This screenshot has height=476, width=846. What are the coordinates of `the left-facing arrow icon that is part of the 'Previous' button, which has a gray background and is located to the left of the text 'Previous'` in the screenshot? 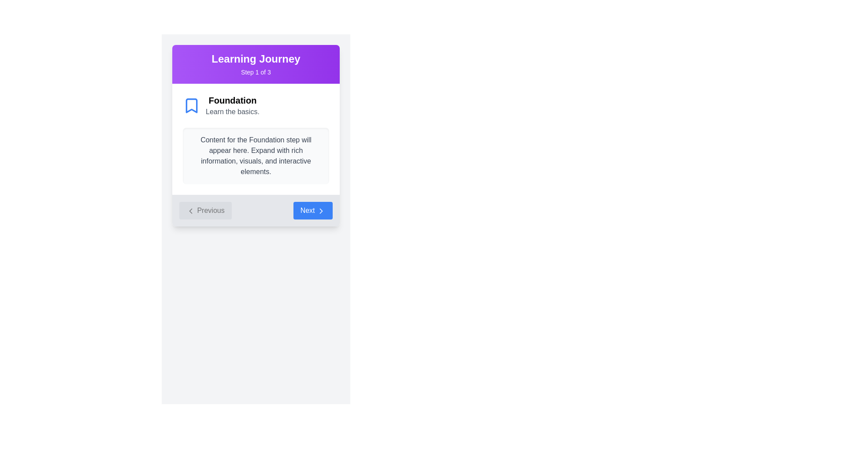 It's located at (190, 211).